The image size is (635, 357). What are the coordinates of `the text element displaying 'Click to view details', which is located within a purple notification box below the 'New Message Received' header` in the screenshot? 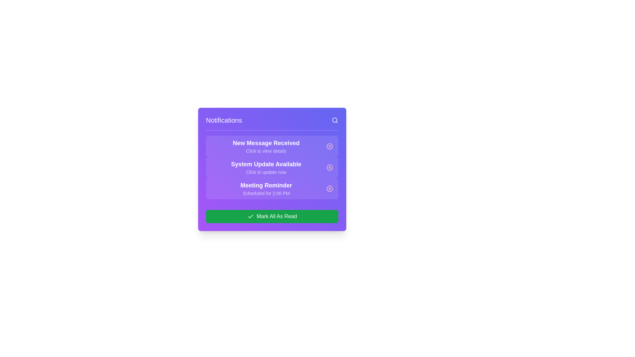 It's located at (266, 151).